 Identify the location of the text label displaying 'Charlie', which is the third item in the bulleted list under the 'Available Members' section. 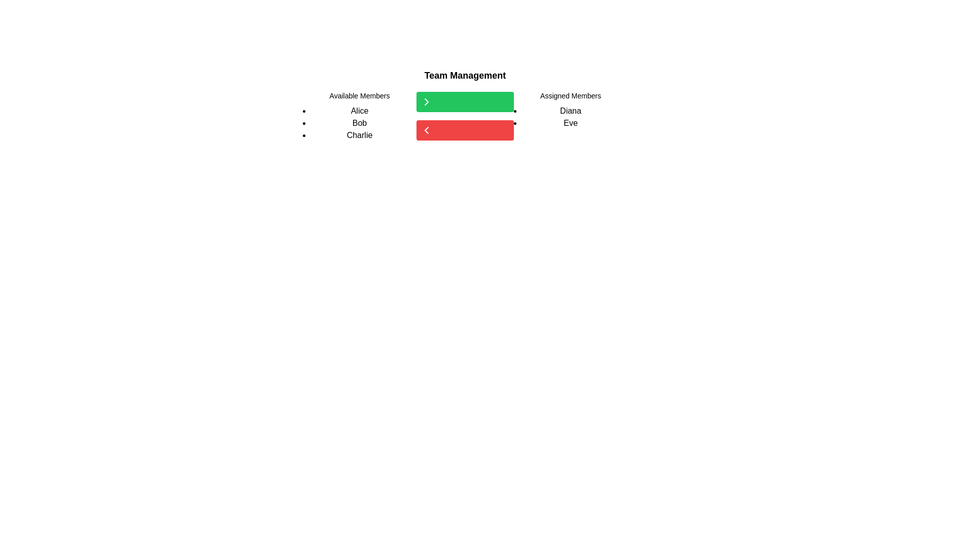
(360, 134).